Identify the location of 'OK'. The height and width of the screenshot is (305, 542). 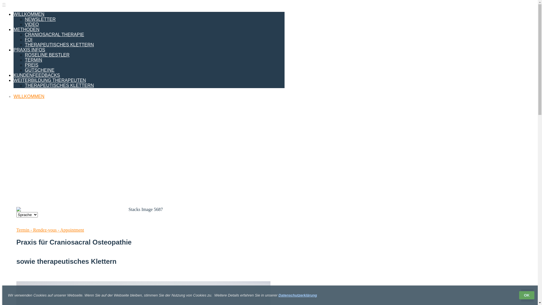
(526, 295).